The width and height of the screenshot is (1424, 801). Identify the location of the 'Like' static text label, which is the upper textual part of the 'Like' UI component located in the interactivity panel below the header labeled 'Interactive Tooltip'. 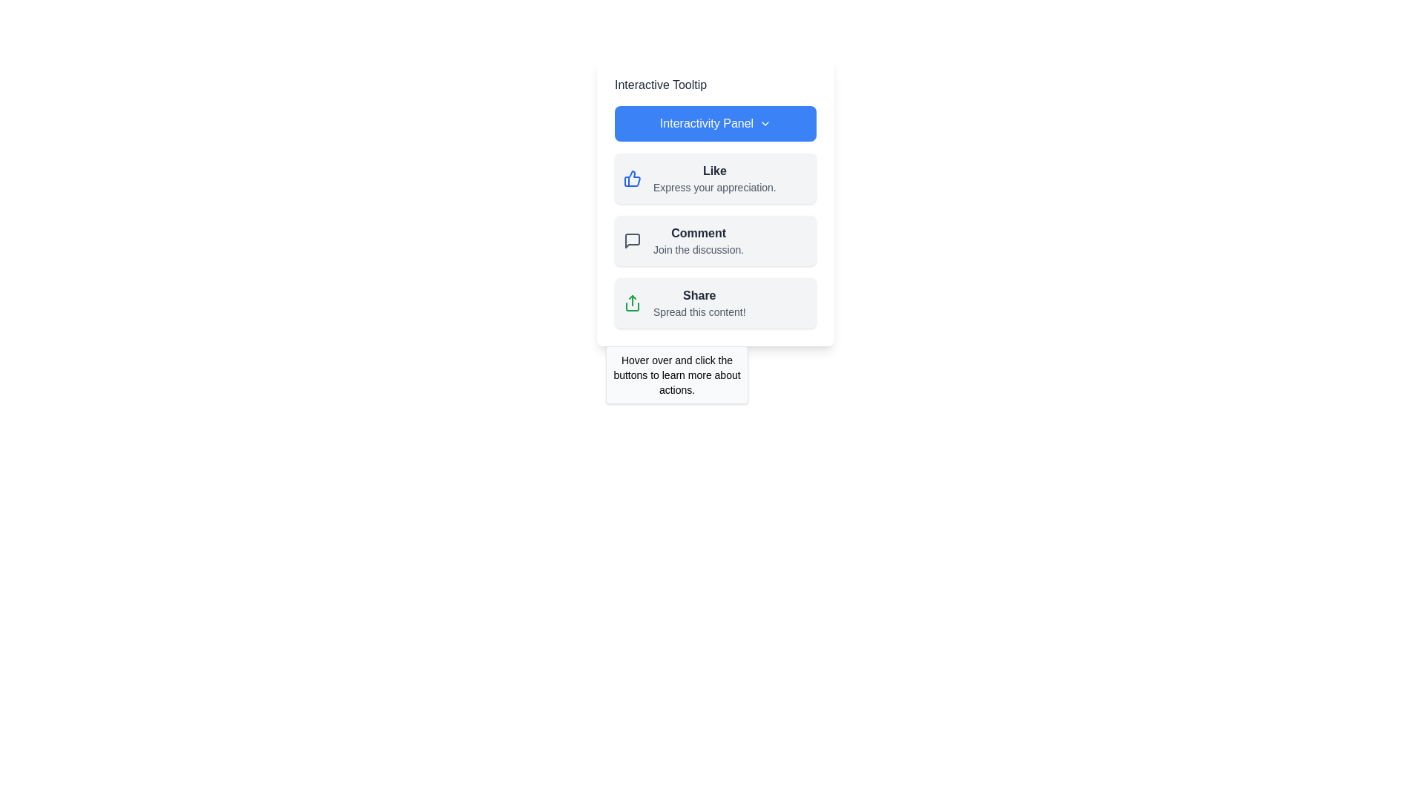
(714, 171).